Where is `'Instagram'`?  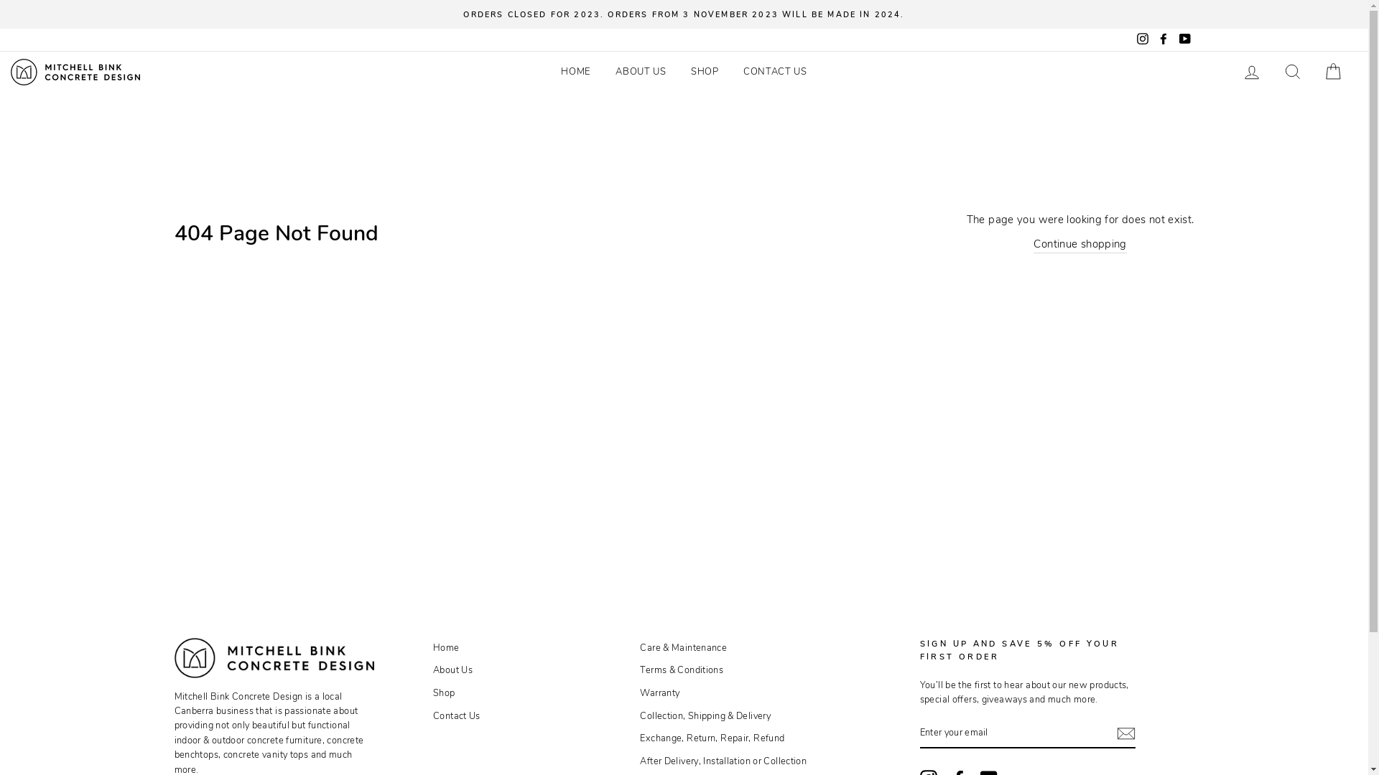
'Instagram' is located at coordinates (1133, 38).